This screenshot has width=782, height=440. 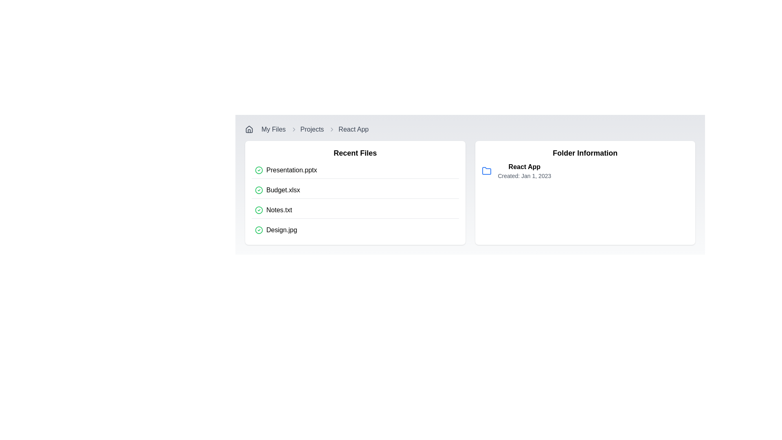 I want to click on the green circular checkmark icon located to the left of 'Budget.xlsx' in the second row of the 'Recent Files' list, so click(x=258, y=190).